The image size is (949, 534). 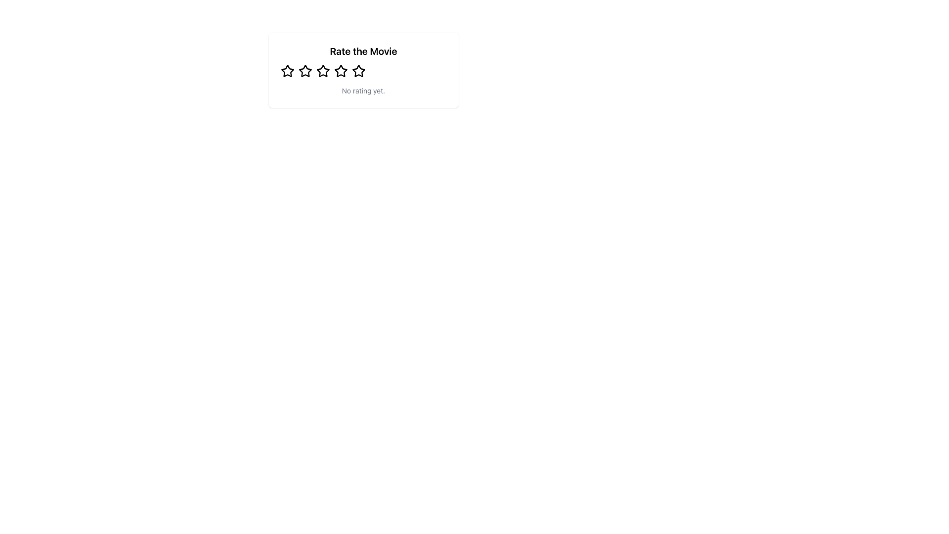 What do you see at coordinates (358, 70) in the screenshot?
I see `the fourth star in the rating component` at bounding box center [358, 70].